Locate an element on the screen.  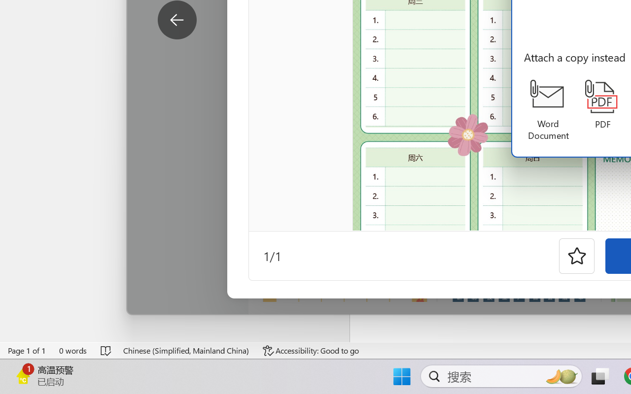
'Language Chinese (Simplified, Mainland China)' is located at coordinates (186, 350).